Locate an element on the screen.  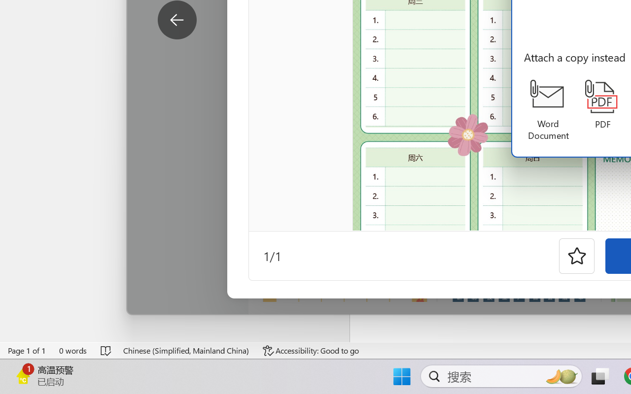
'Language Chinese (Simplified, Mainland China)' is located at coordinates (186, 350).